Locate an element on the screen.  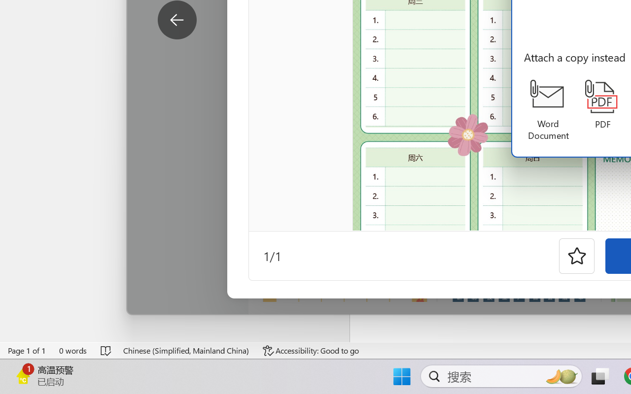
'Language Chinese (Simplified, Mainland China)' is located at coordinates (186, 350).